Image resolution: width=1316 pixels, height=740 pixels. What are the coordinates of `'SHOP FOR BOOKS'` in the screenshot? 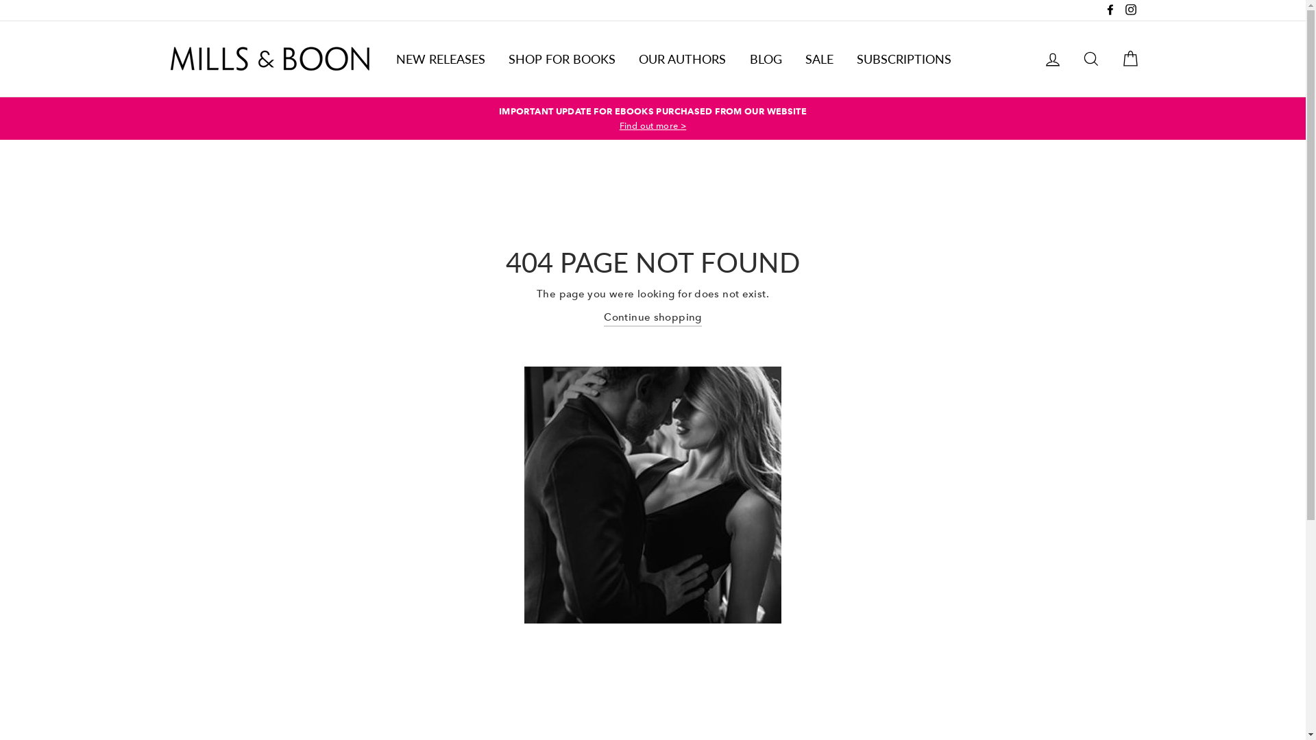 It's located at (562, 58).